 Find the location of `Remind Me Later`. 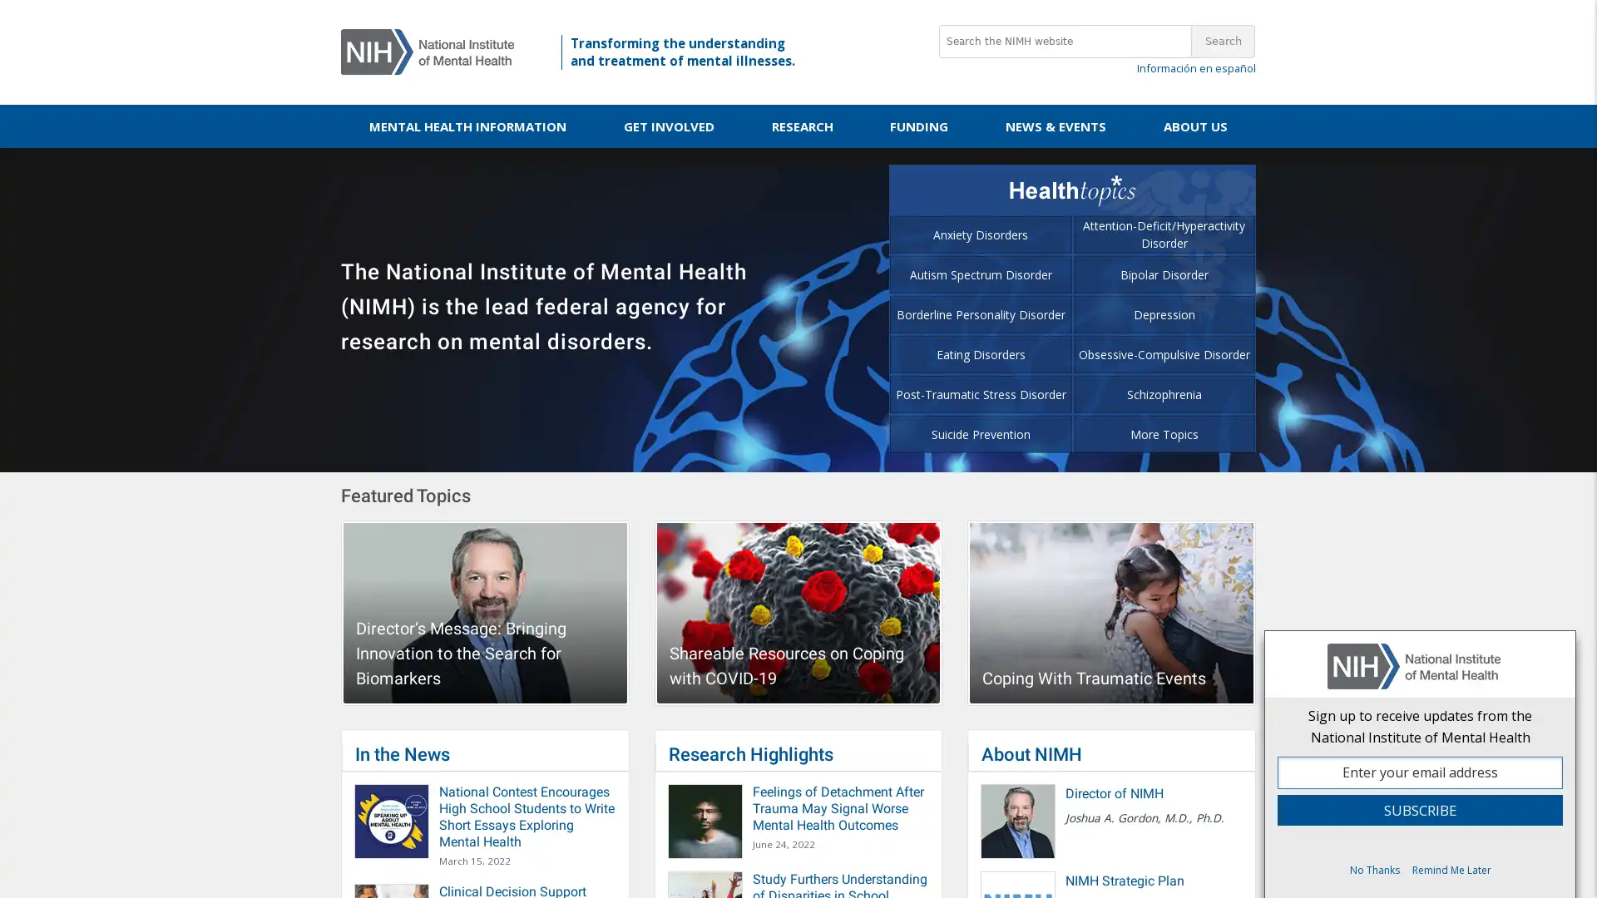

Remind Me Later is located at coordinates (1450, 868).